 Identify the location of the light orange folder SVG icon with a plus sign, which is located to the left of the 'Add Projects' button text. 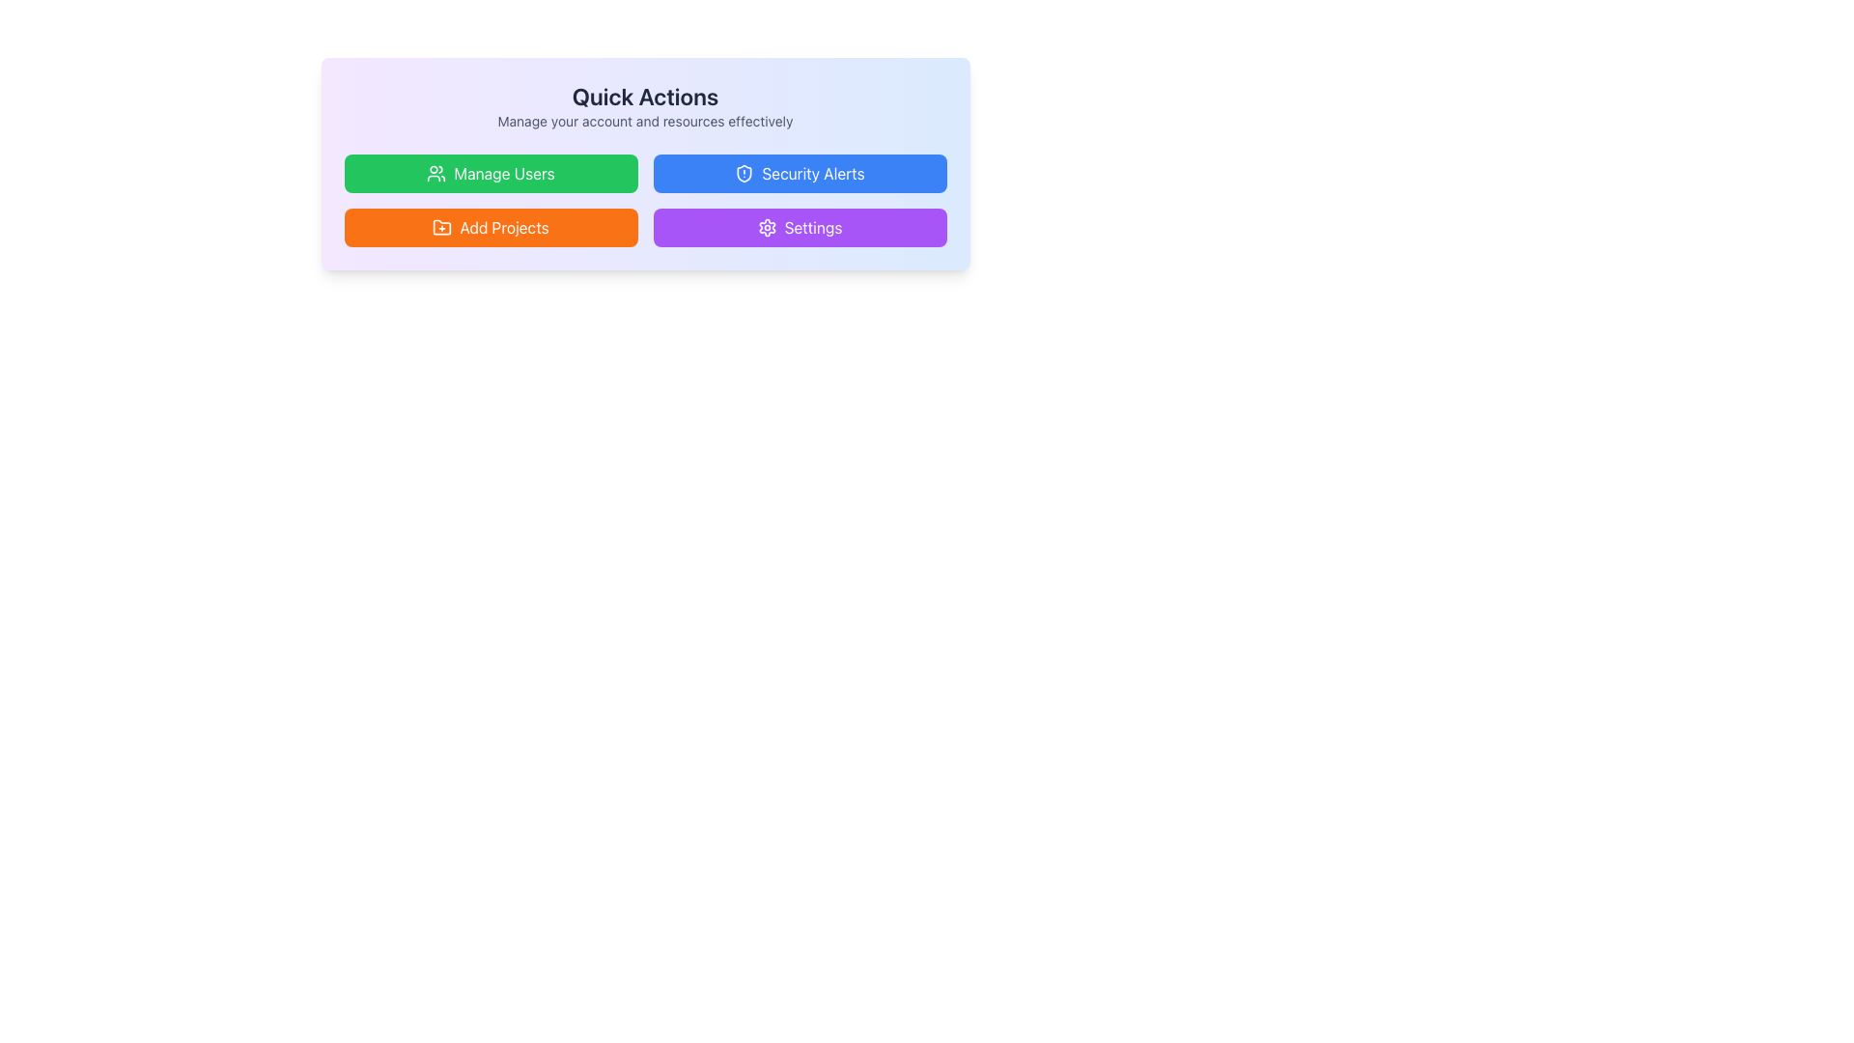
(441, 226).